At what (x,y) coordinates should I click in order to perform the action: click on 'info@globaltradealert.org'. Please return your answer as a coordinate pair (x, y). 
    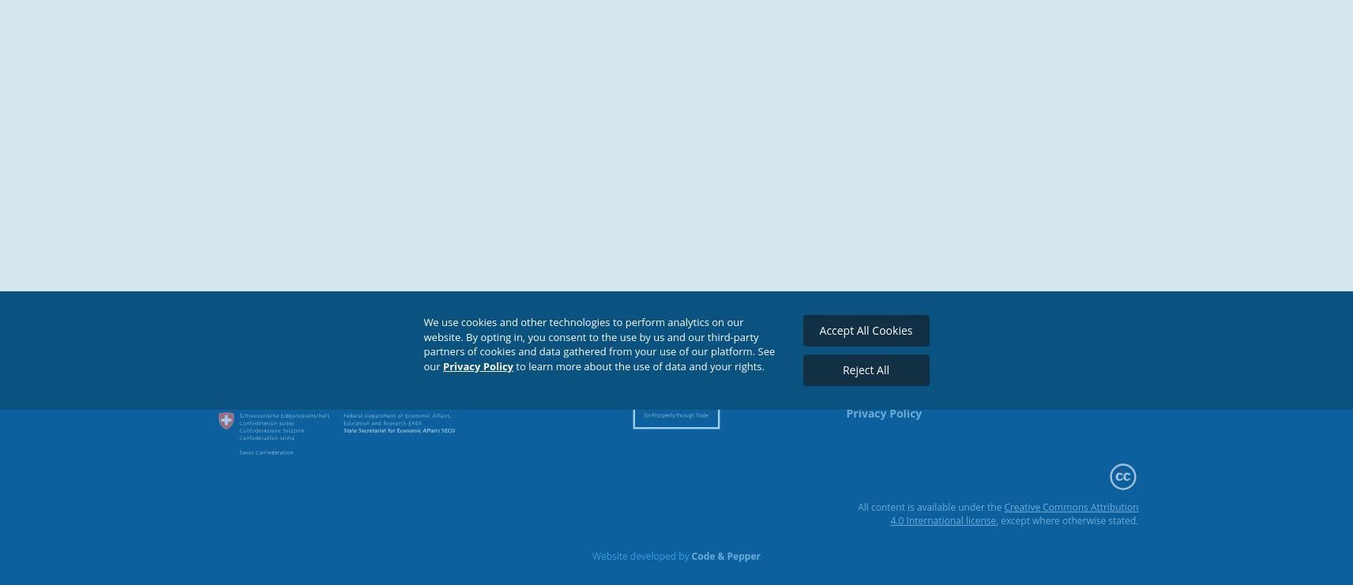
    Looking at the image, I should click on (916, 382).